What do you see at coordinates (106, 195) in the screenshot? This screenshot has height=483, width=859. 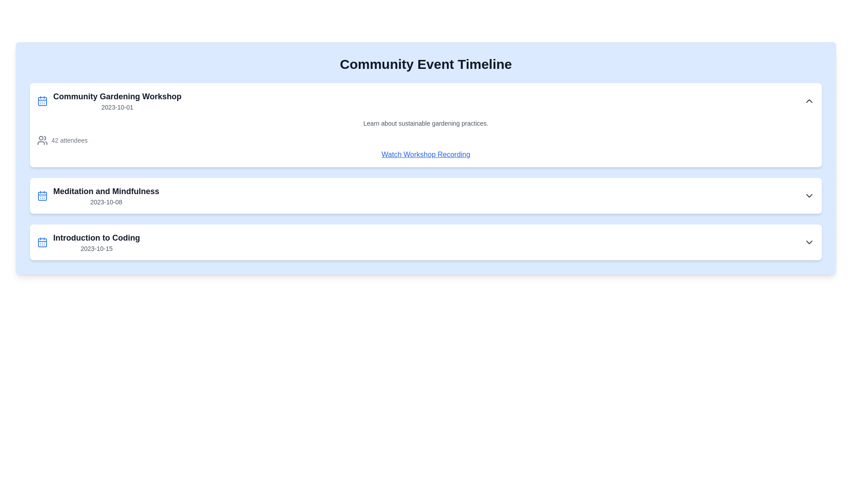 I see `text displayed in the second event block, which includes the title 'Meditation and Mindfulness' and the subtitle '2023-10-08'` at bounding box center [106, 195].